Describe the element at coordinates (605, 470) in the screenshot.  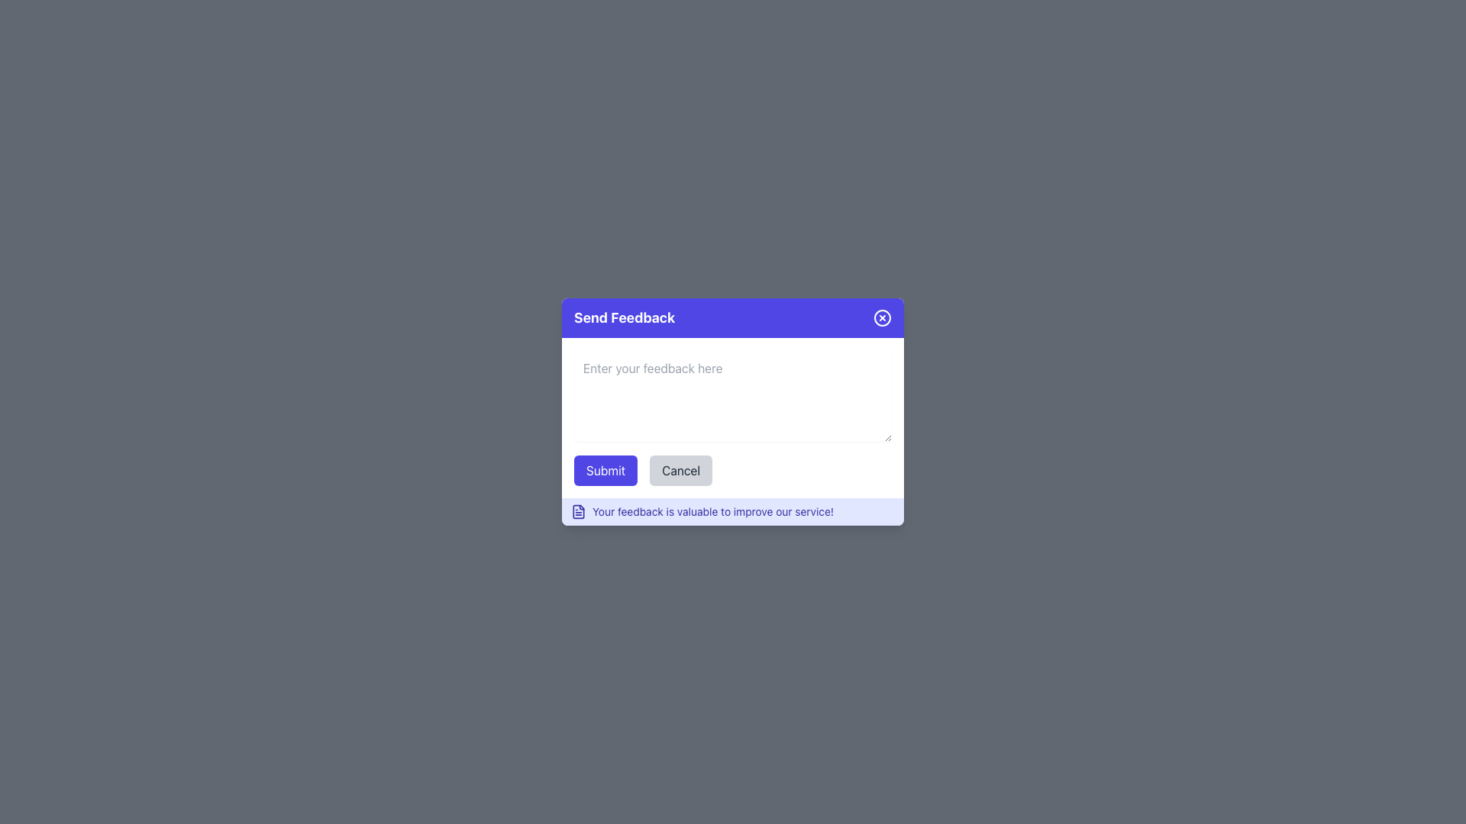
I see `the submission button located in the lower-right section of the 'Send Feedback' dialog box to finalize and submit the entered feedback or data` at that location.